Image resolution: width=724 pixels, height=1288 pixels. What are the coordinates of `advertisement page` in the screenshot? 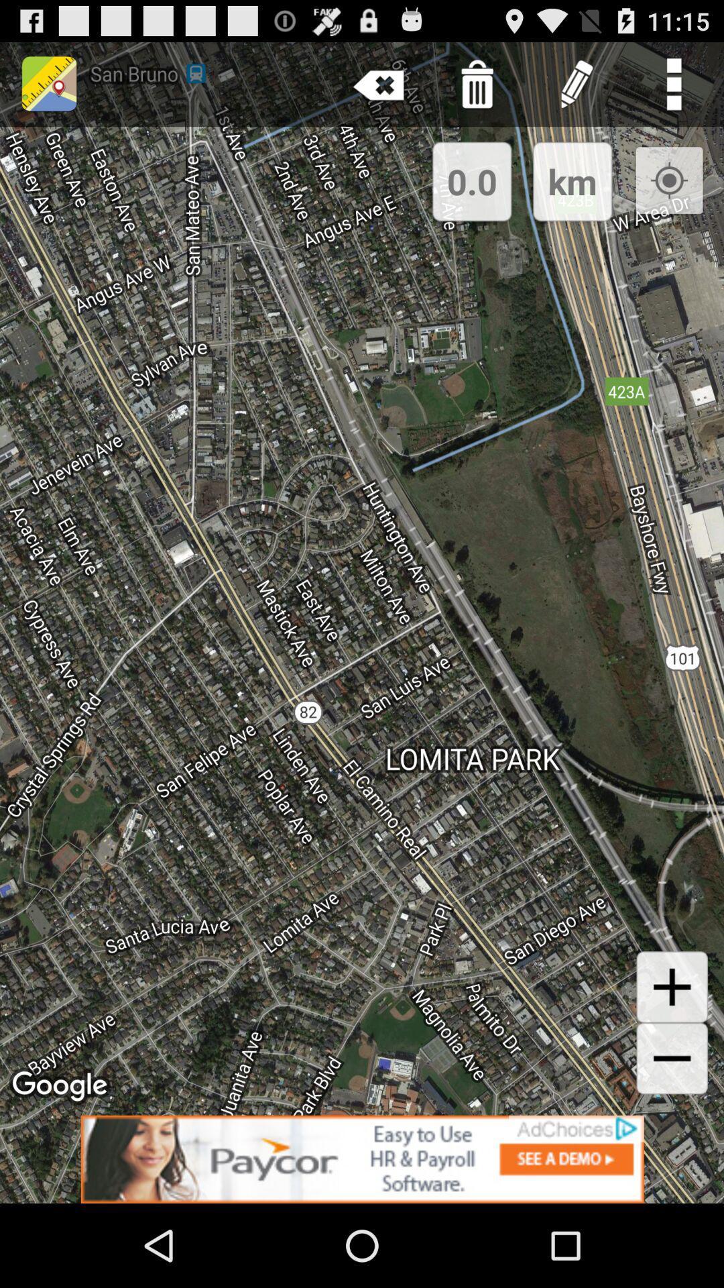 It's located at (362, 1159).